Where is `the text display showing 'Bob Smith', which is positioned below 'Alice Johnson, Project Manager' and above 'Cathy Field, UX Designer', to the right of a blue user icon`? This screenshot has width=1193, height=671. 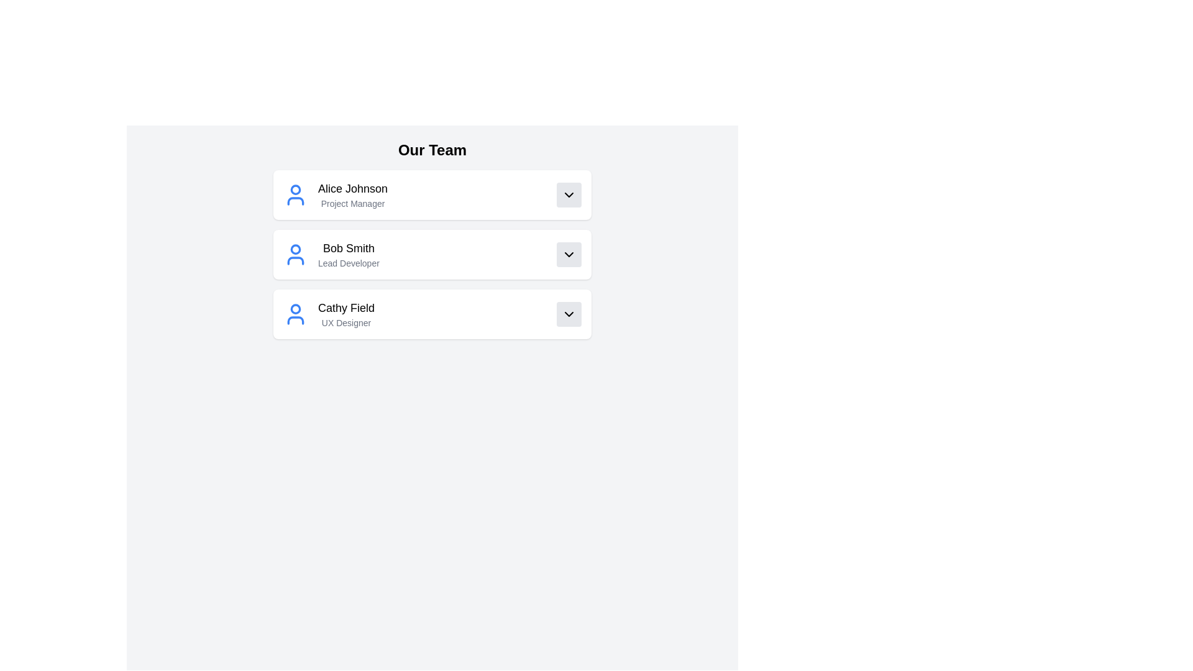 the text display showing 'Bob Smith', which is positioned below 'Alice Johnson, Project Manager' and above 'Cathy Field, UX Designer', to the right of a blue user icon is located at coordinates (348, 253).